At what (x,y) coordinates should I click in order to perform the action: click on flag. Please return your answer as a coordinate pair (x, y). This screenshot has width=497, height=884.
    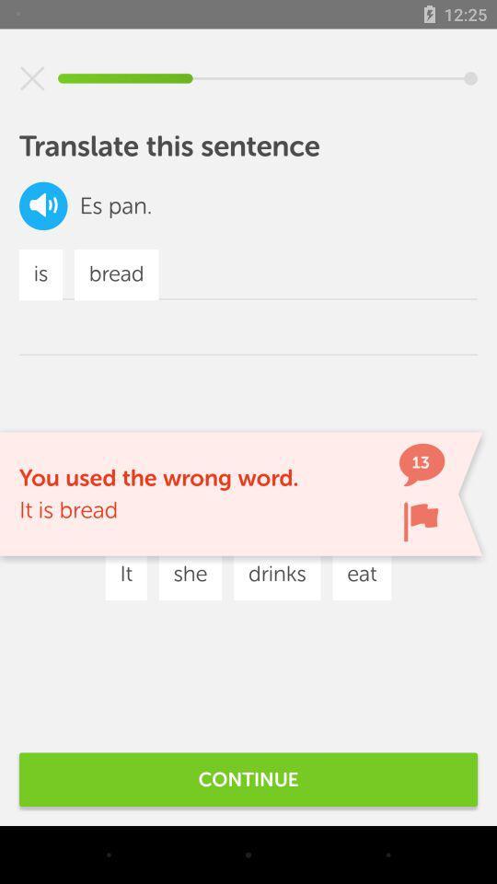
    Looking at the image, I should click on (421, 521).